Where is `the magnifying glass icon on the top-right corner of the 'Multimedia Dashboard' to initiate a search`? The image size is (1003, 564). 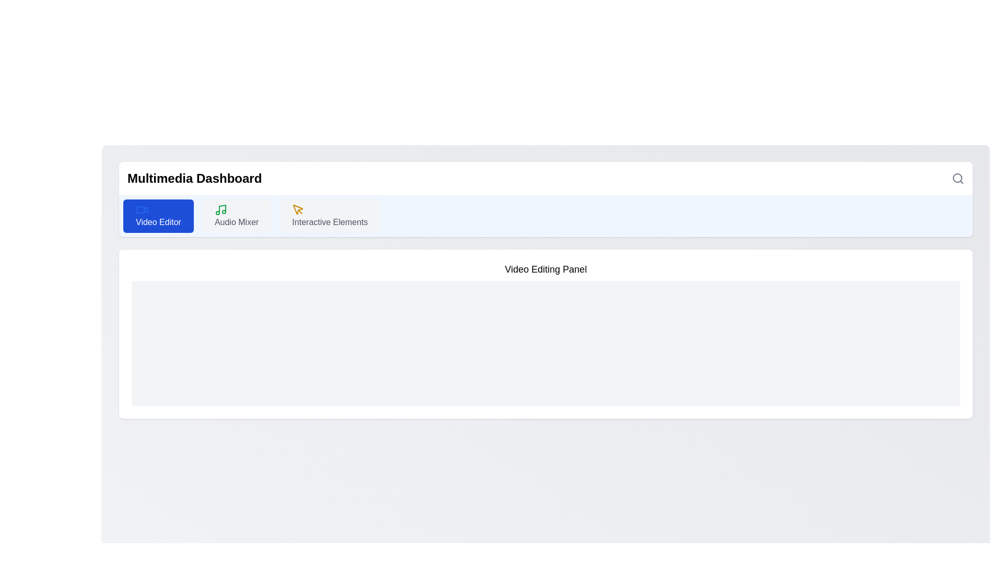 the magnifying glass icon on the top-right corner of the 'Multimedia Dashboard' to initiate a search is located at coordinates (958, 178).